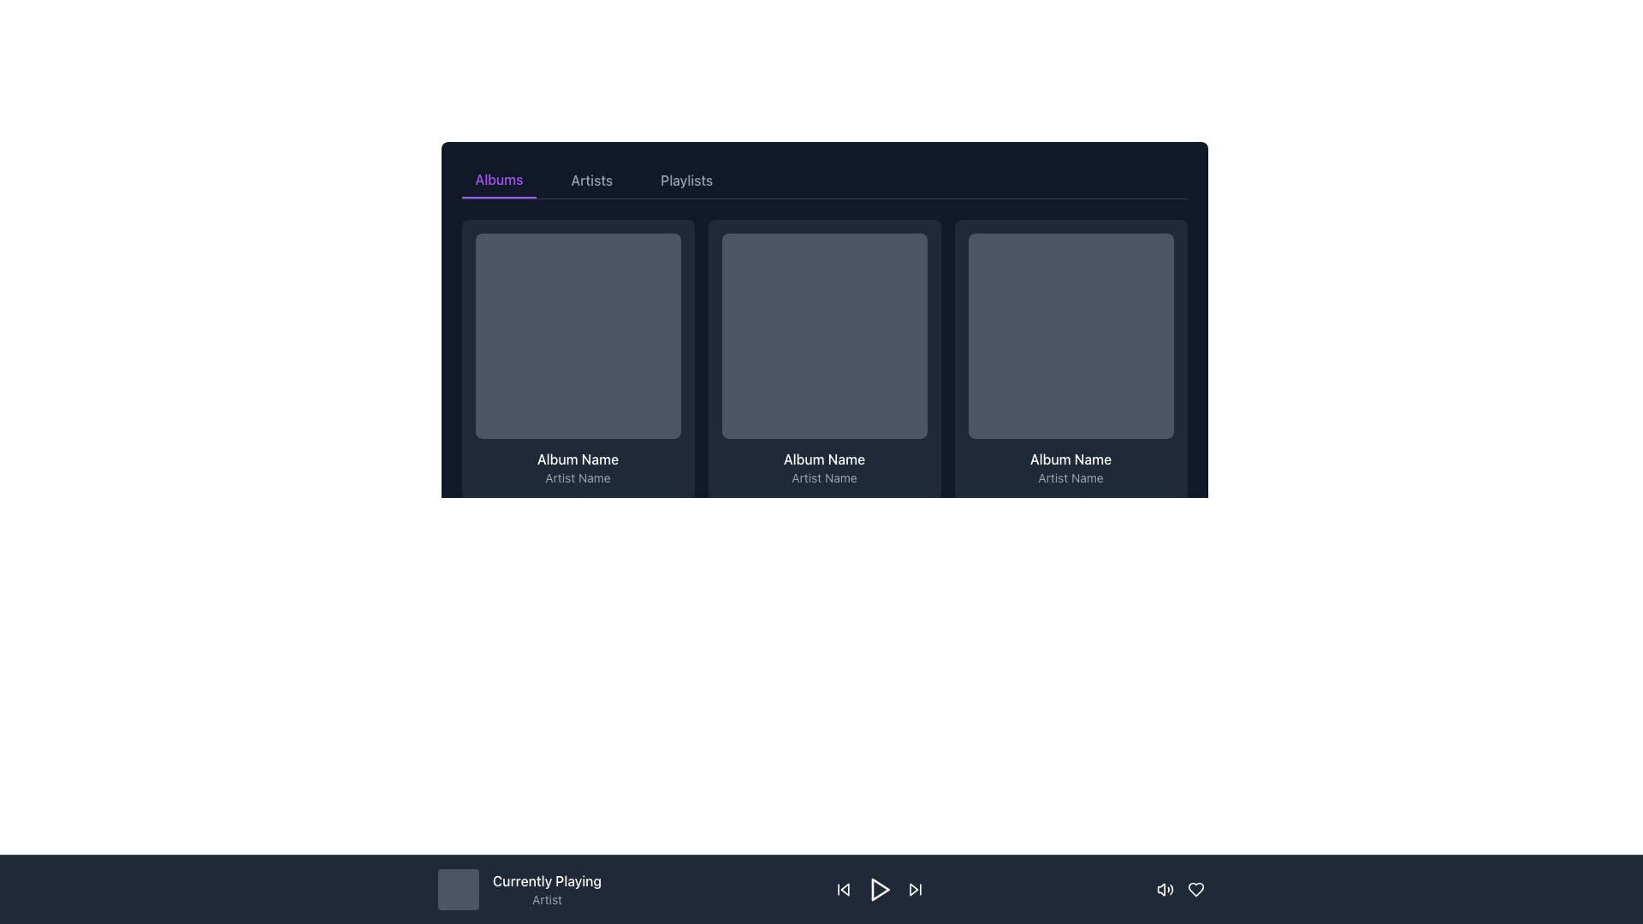 Image resolution: width=1643 pixels, height=924 pixels. What do you see at coordinates (686, 181) in the screenshot?
I see `the 'Playlists' tab button in the top center of the interface to change its appearance` at bounding box center [686, 181].